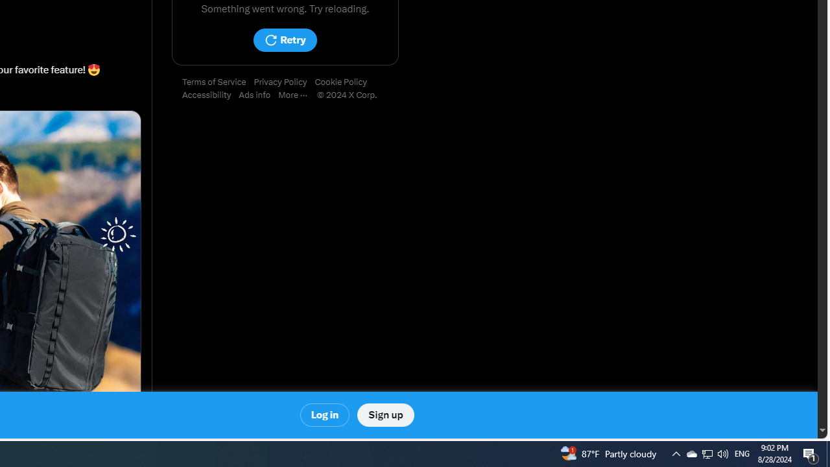 Image resolution: width=830 pixels, height=467 pixels. Describe the element at coordinates (296, 95) in the screenshot. I see `'More'` at that location.